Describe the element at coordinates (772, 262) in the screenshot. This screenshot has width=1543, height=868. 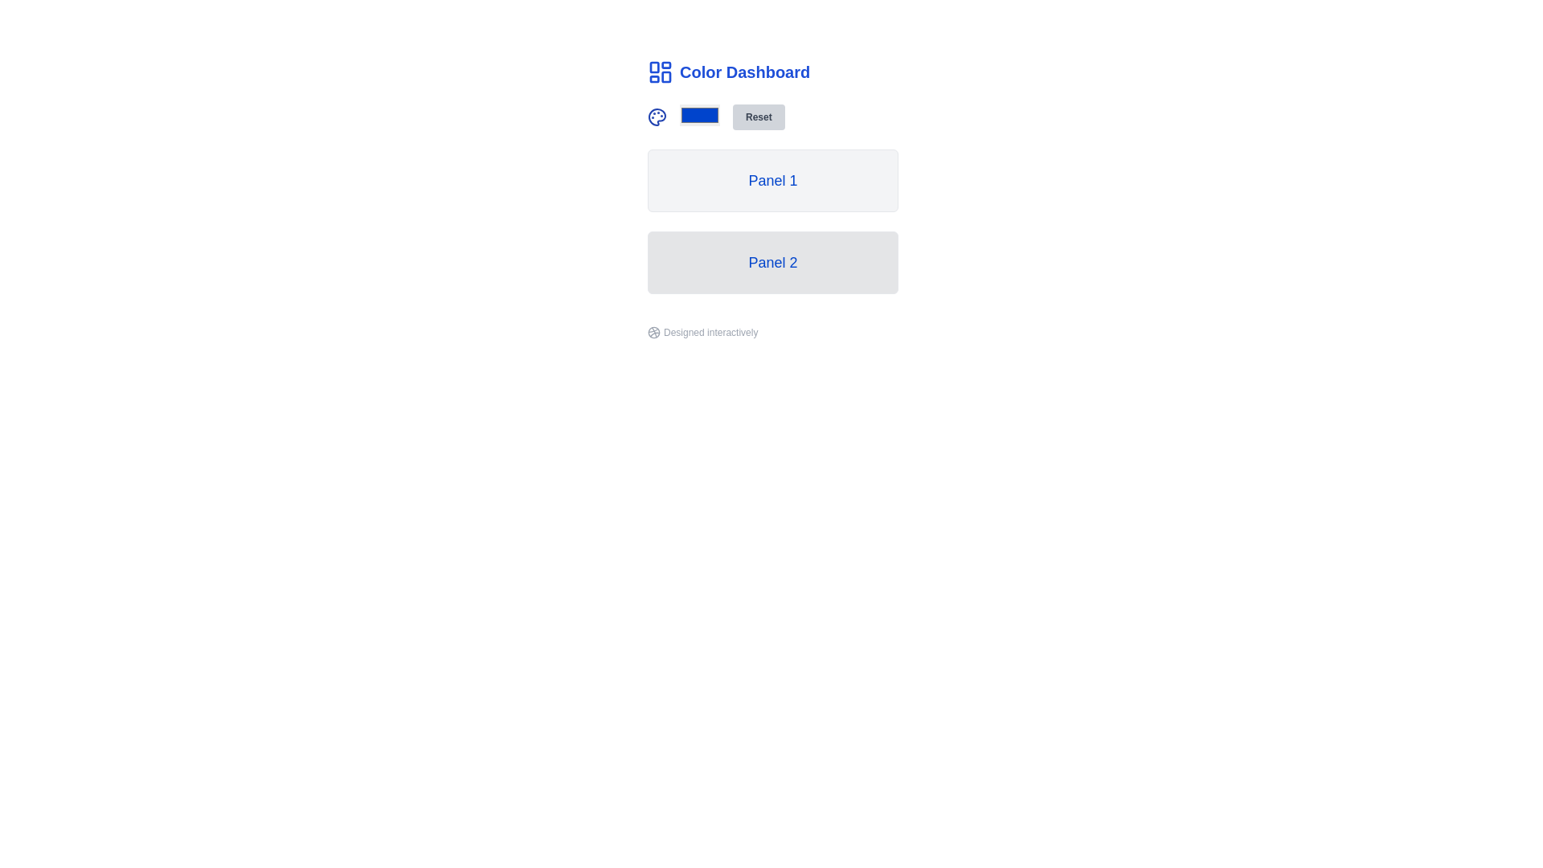
I see `the label text for 'Panel 2', which is the second item in a vertical stack of panels, located below 'Panel 1'` at that location.